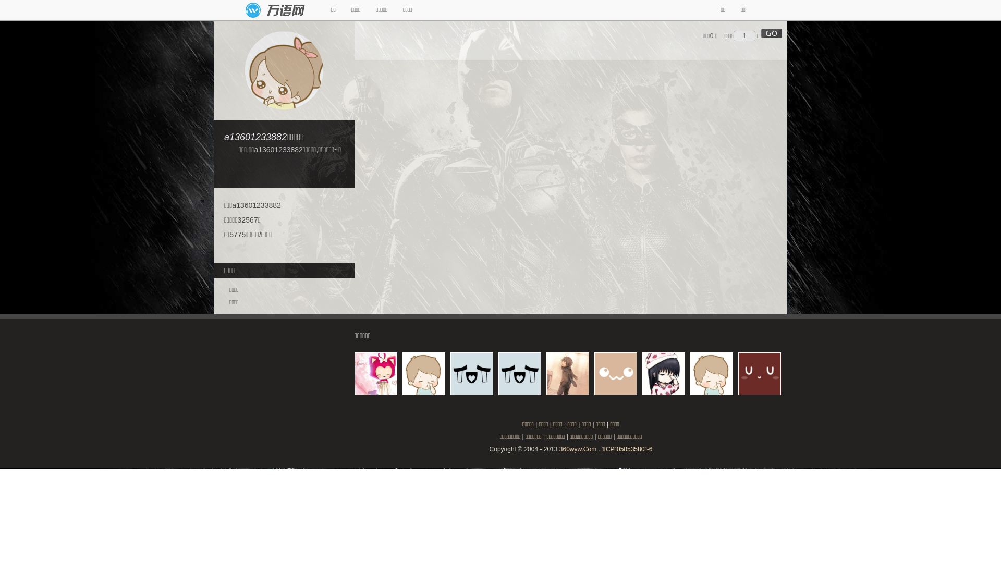 This screenshot has height=563, width=1001. Describe the element at coordinates (559, 448) in the screenshot. I see `'360wyw.Com'` at that location.